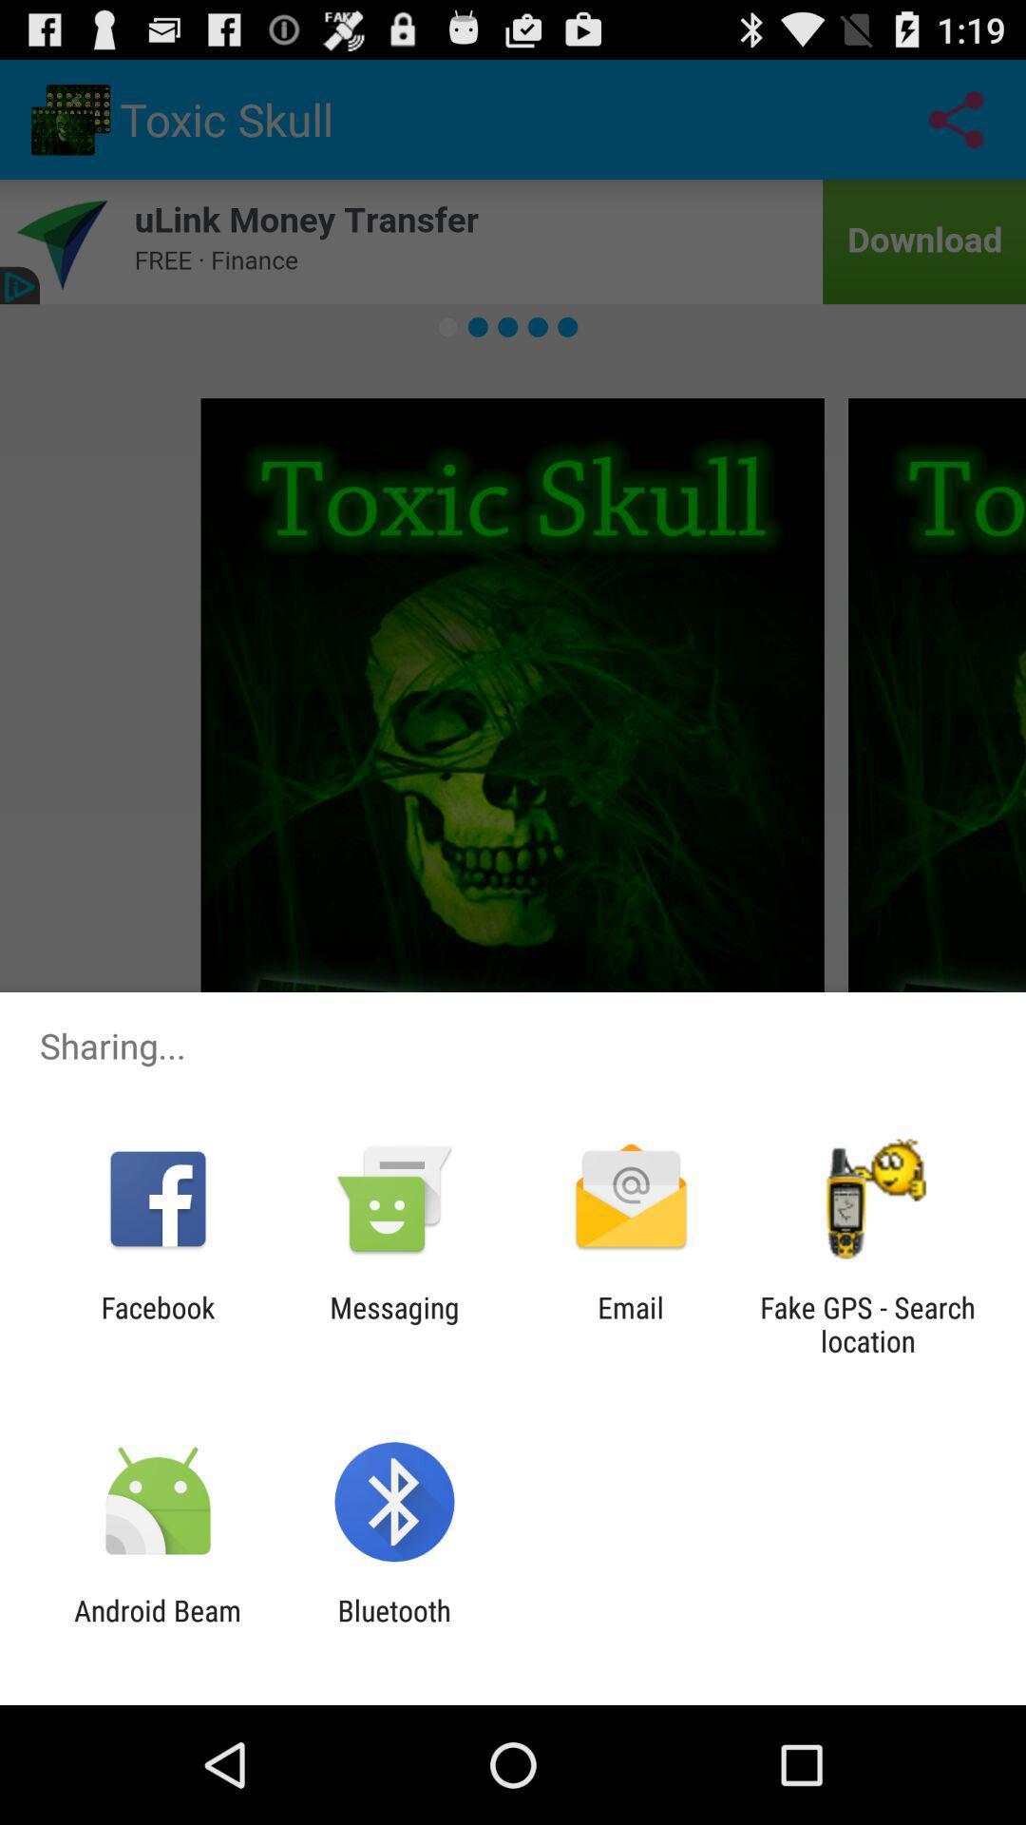 Image resolution: width=1026 pixels, height=1825 pixels. Describe the element at coordinates (867, 1323) in the screenshot. I see `the fake gps search` at that location.